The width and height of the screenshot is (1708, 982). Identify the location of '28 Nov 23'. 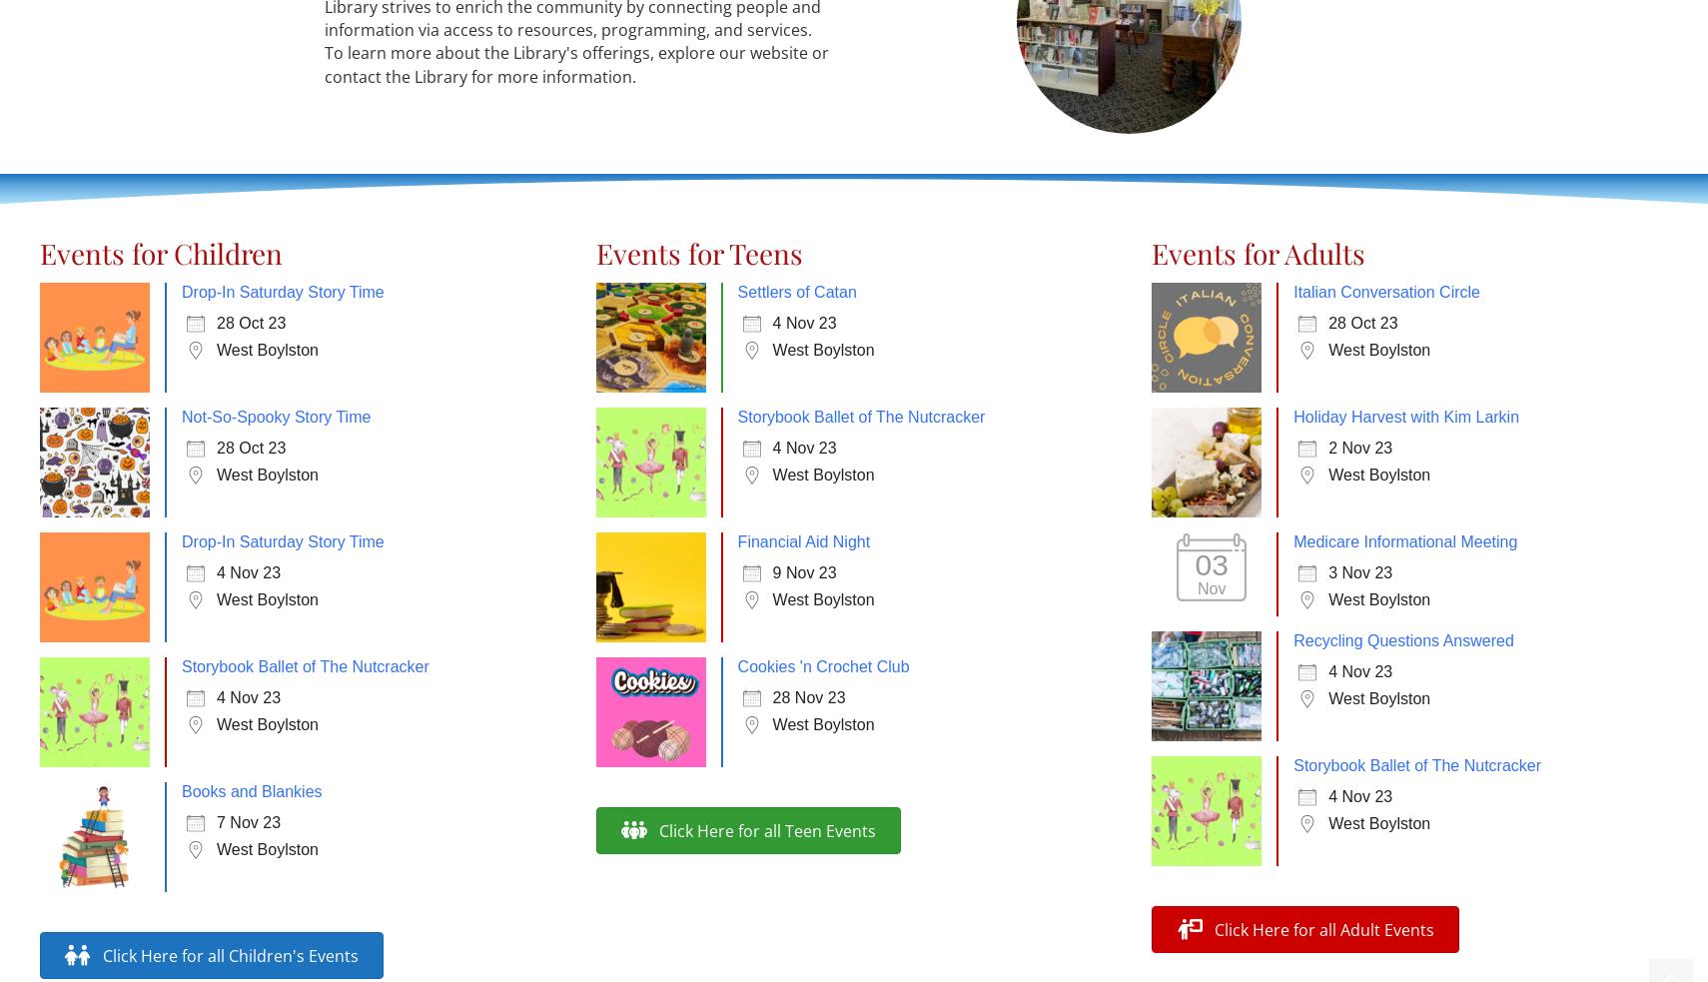
(808, 696).